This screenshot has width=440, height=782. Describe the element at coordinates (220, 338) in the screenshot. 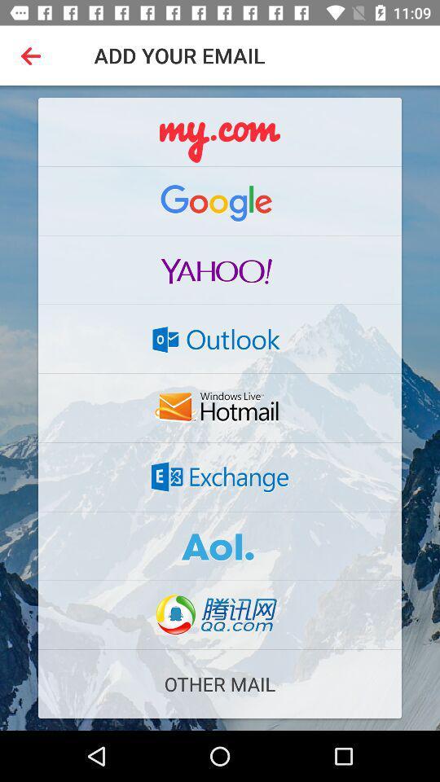

I see `outlook` at that location.